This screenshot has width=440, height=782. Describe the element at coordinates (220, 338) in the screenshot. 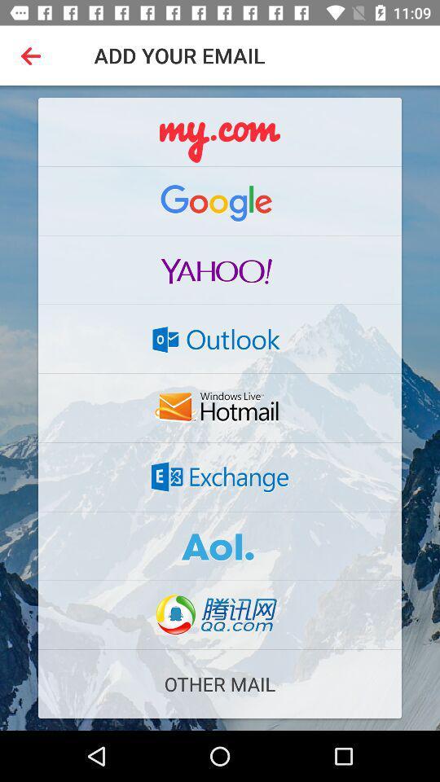

I see `outlook` at that location.